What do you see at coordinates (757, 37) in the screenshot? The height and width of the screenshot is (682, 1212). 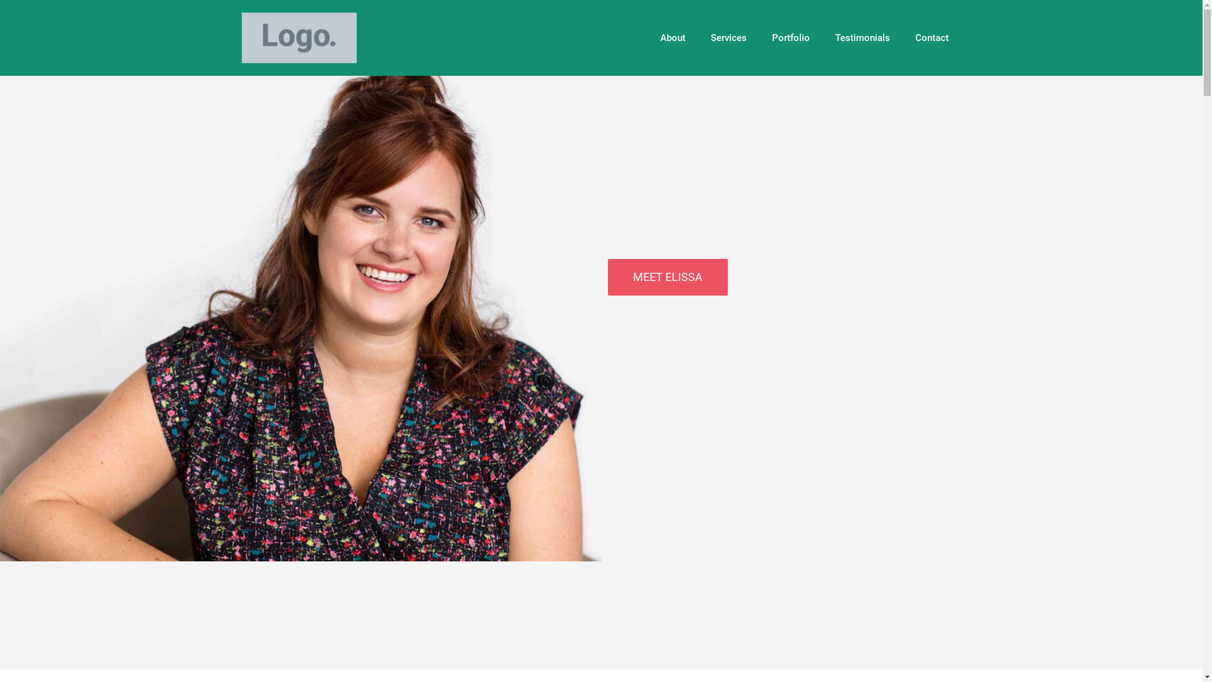 I see `'Portfolio'` at bounding box center [757, 37].